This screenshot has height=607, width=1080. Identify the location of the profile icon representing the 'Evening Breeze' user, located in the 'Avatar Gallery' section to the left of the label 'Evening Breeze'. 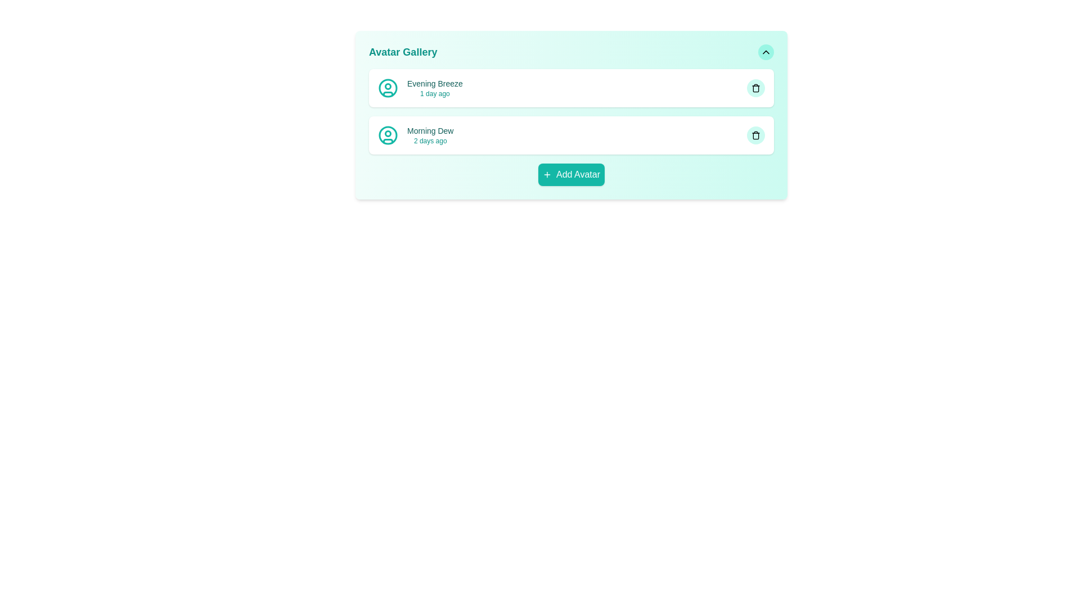
(388, 88).